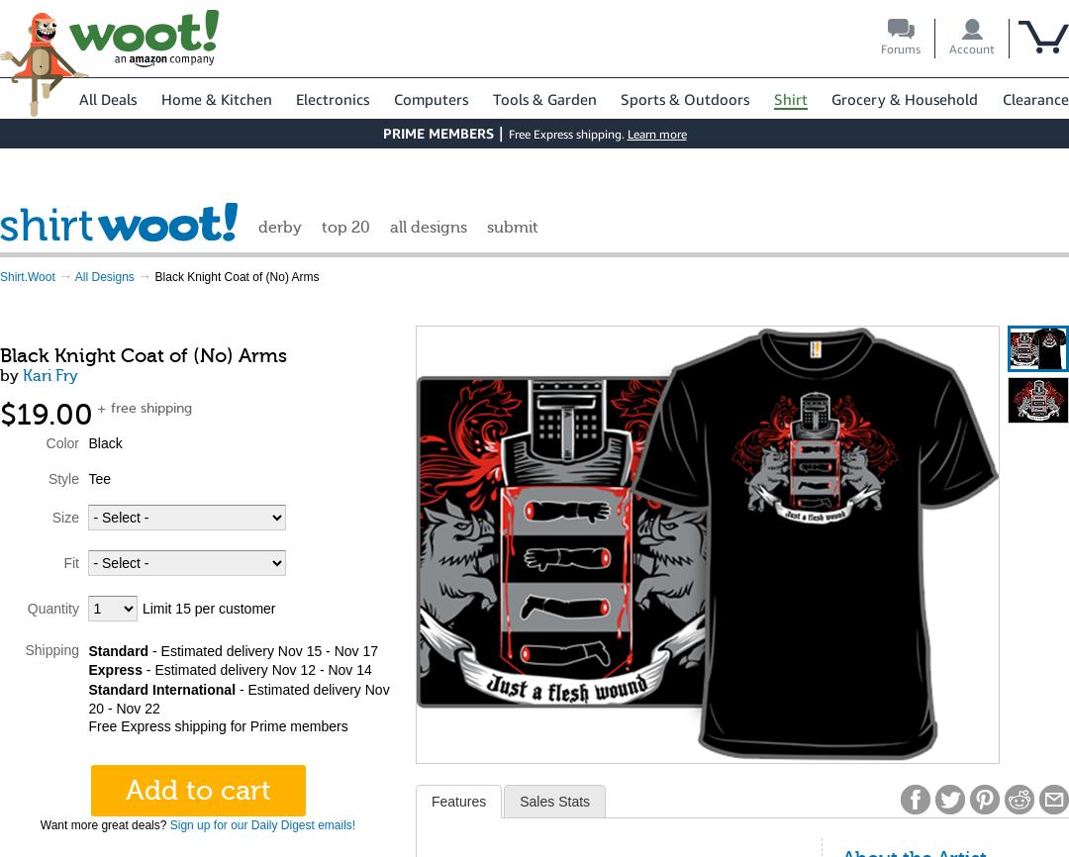  What do you see at coordinates (437, 133) in the screenshot?
I see `'PRIME MEMBERS'` at bounding box center [437, 133].